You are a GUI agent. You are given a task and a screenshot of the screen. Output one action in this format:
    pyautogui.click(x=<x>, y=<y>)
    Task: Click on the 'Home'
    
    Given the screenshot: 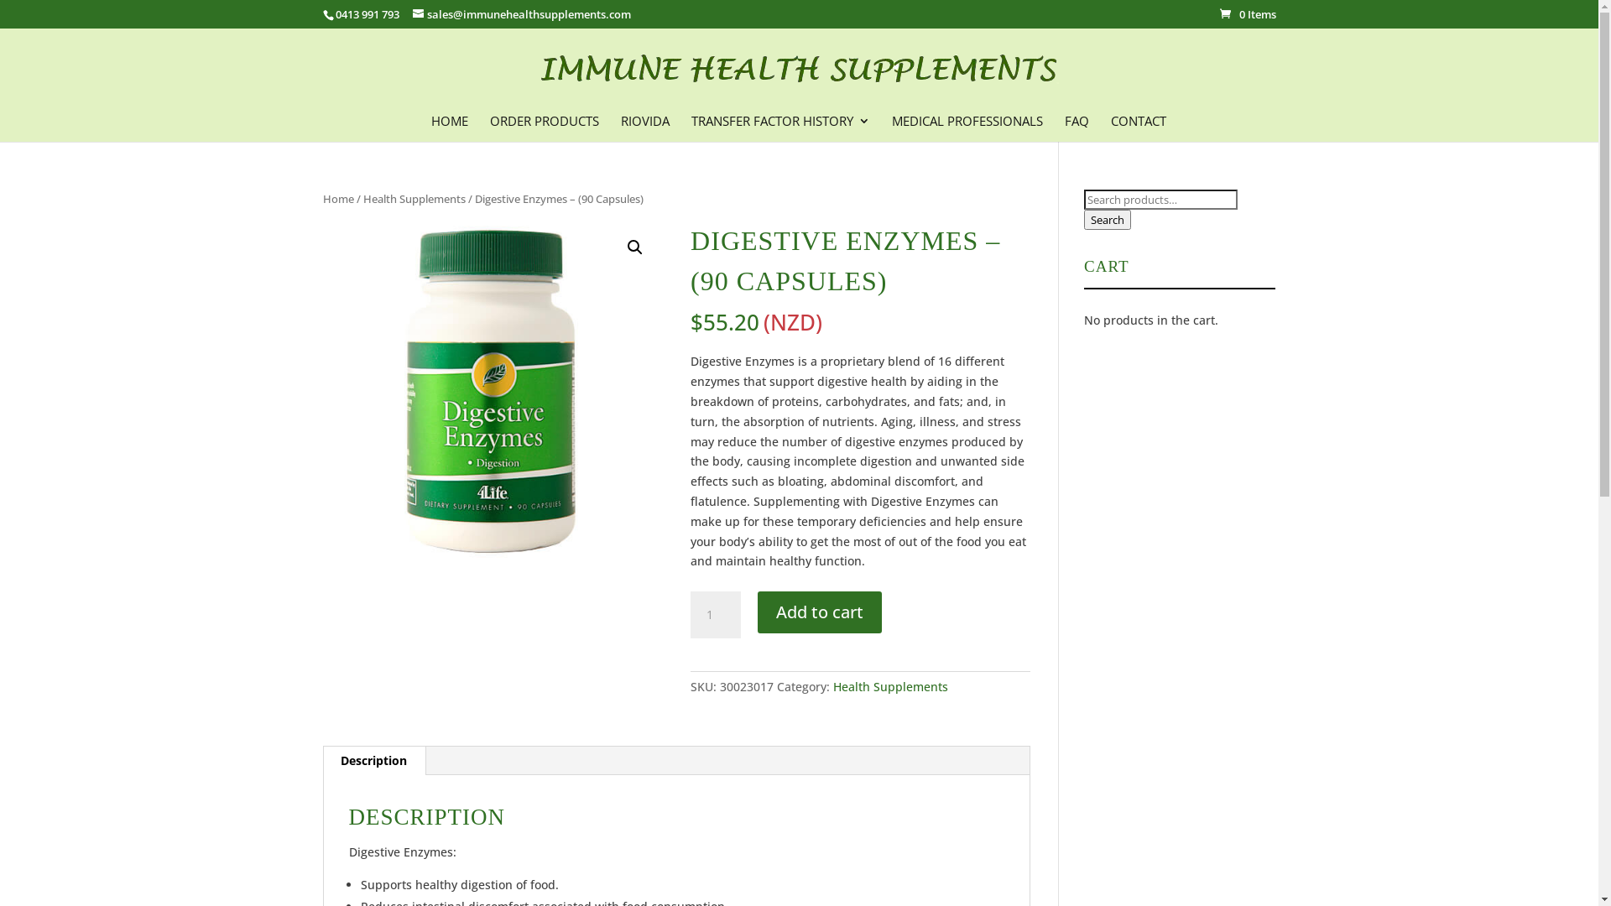 What is the action you would take?
    pyautogui.click(x=336, y=197)
    